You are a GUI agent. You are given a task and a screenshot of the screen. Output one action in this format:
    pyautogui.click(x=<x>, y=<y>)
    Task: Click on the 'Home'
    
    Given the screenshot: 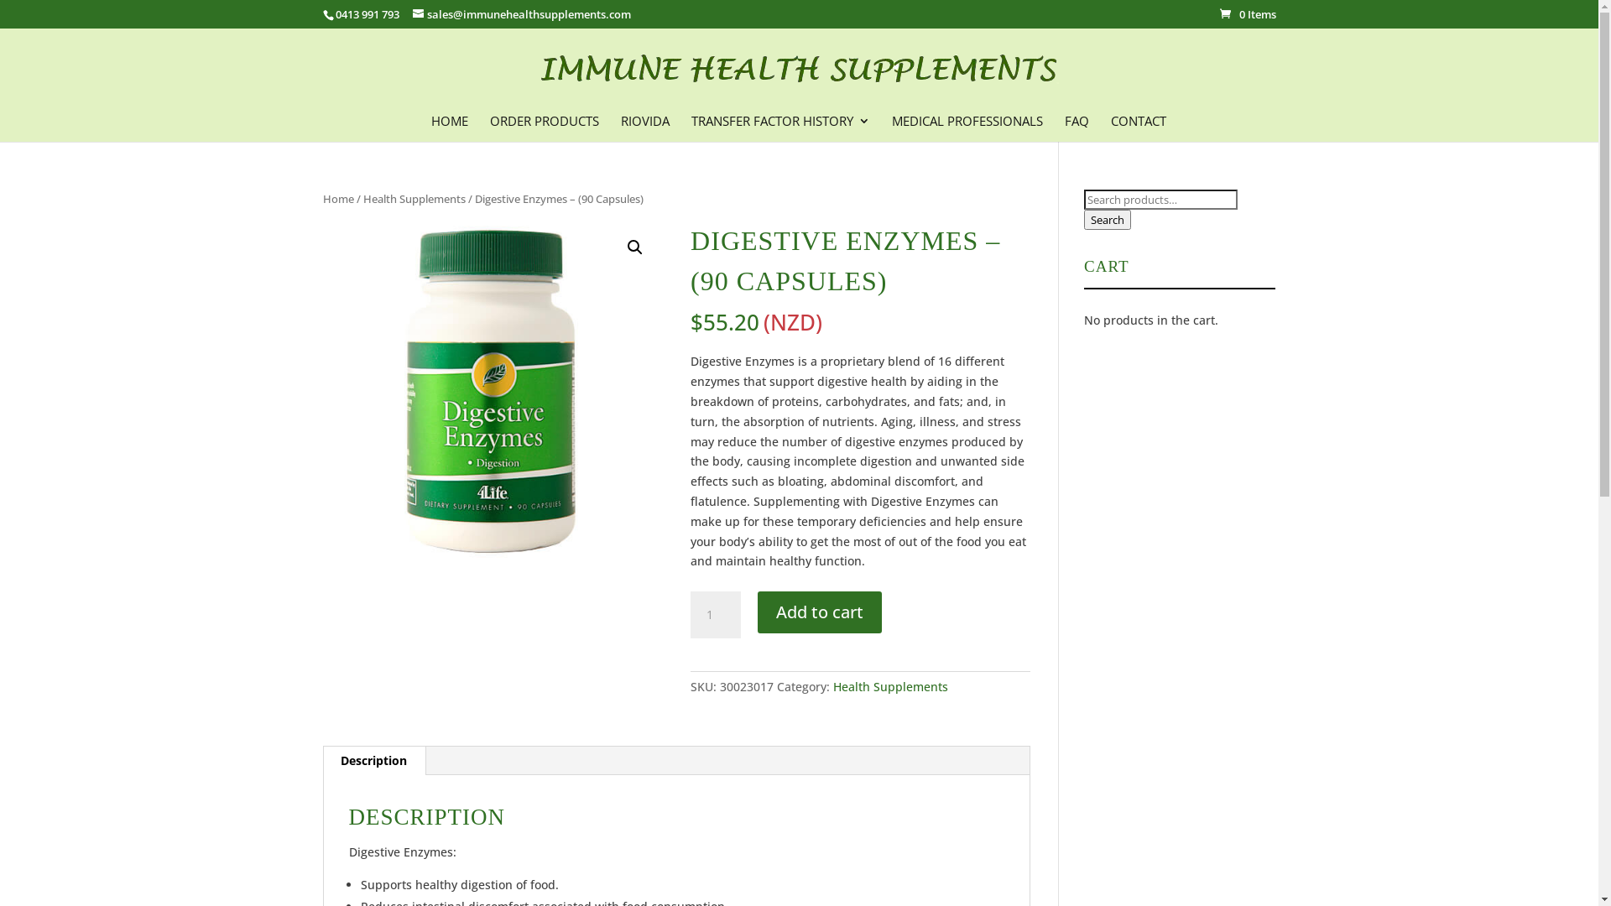 What is the action you would take?
    pyautogui.click(x=336, y=197)
    